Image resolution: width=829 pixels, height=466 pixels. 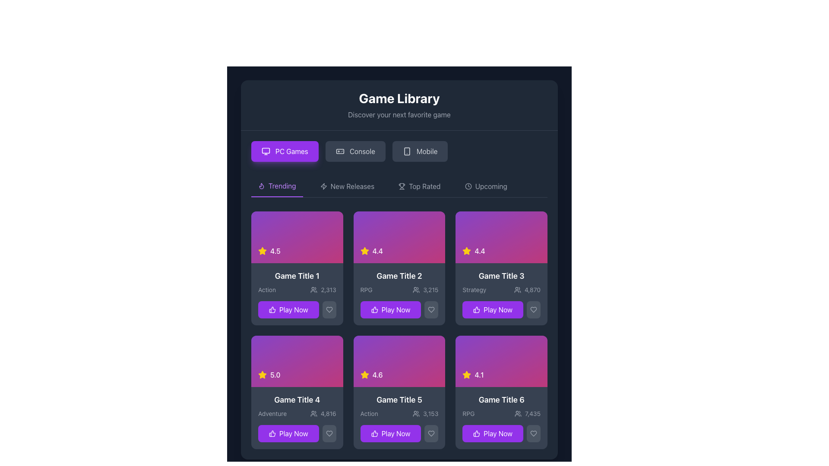 What do you see at coordinates (261, 186) in the screenshot?
I see `the flame icon within the SVG graphic located on the left side of the 'Trending' section header, above the 'Game Title 1' and 'Game Title 2' cards` at bounding box center [261, 186].